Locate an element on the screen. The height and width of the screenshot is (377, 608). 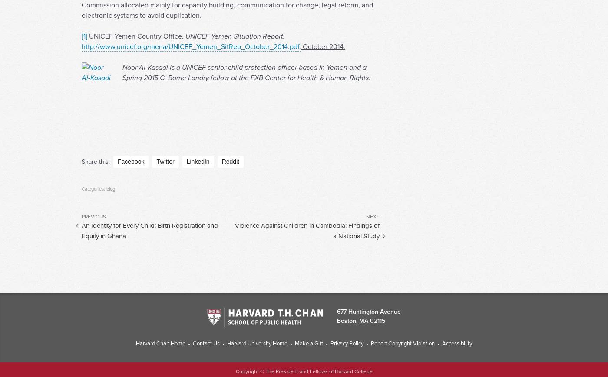
'Harvard University Home' is located at coordinates (257, 360).